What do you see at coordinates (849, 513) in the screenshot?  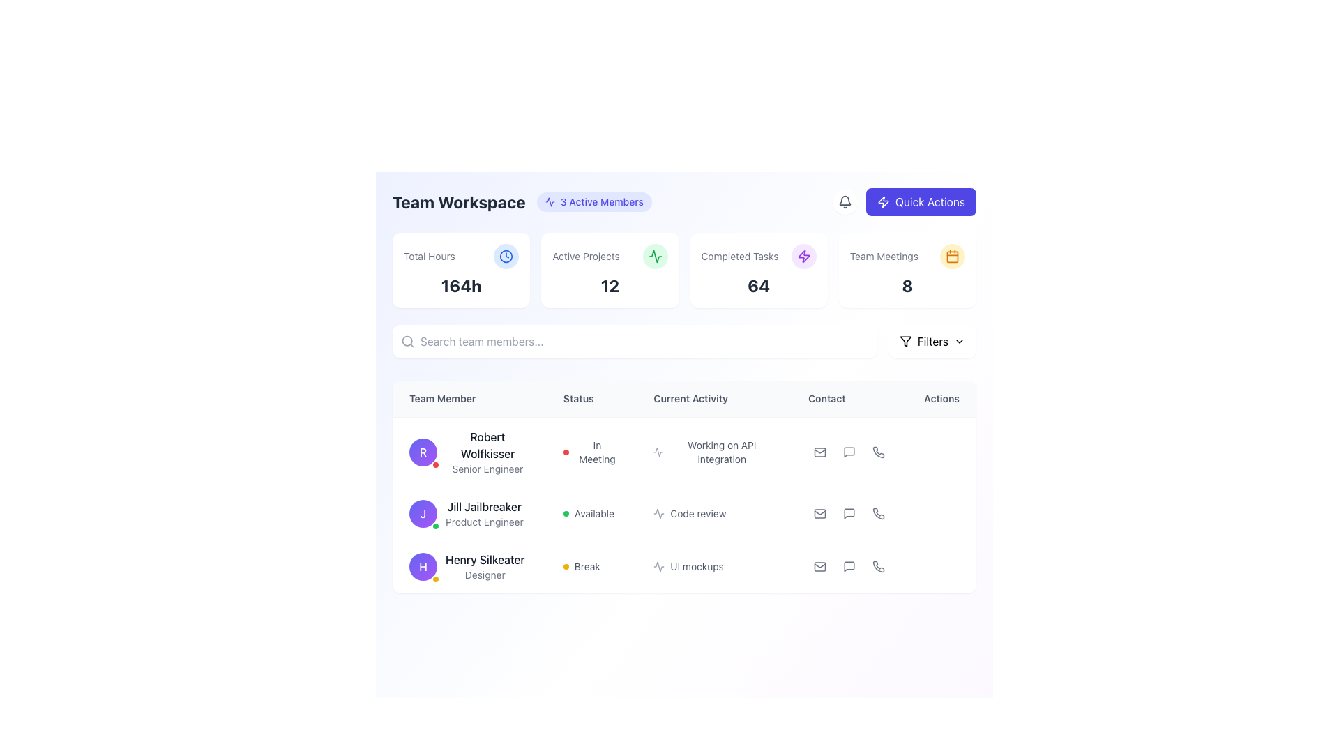 I see `the chat icon button located in the 'Actions' column for the second user, Jill Jailbreaker` at bounding box center [849, 513].